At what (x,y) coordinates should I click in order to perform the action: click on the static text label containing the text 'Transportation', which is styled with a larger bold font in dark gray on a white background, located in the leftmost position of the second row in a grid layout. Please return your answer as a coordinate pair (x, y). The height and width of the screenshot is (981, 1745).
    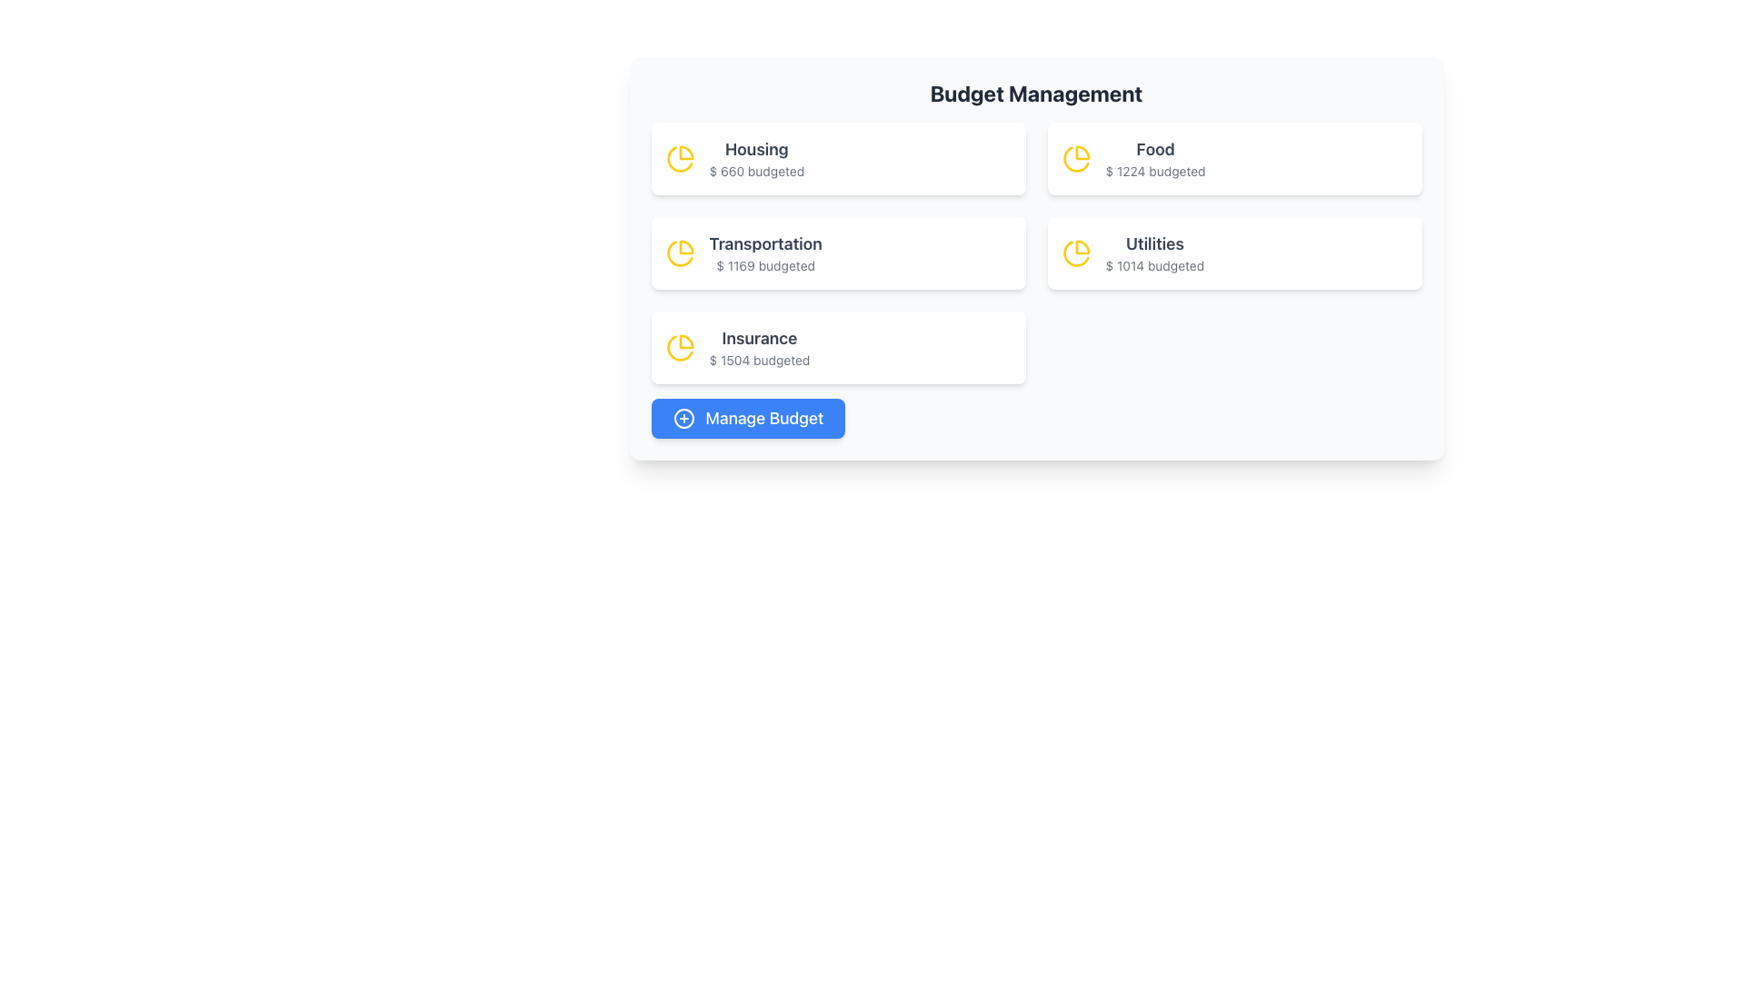
    Looking at the image, I should click on (765, 243).